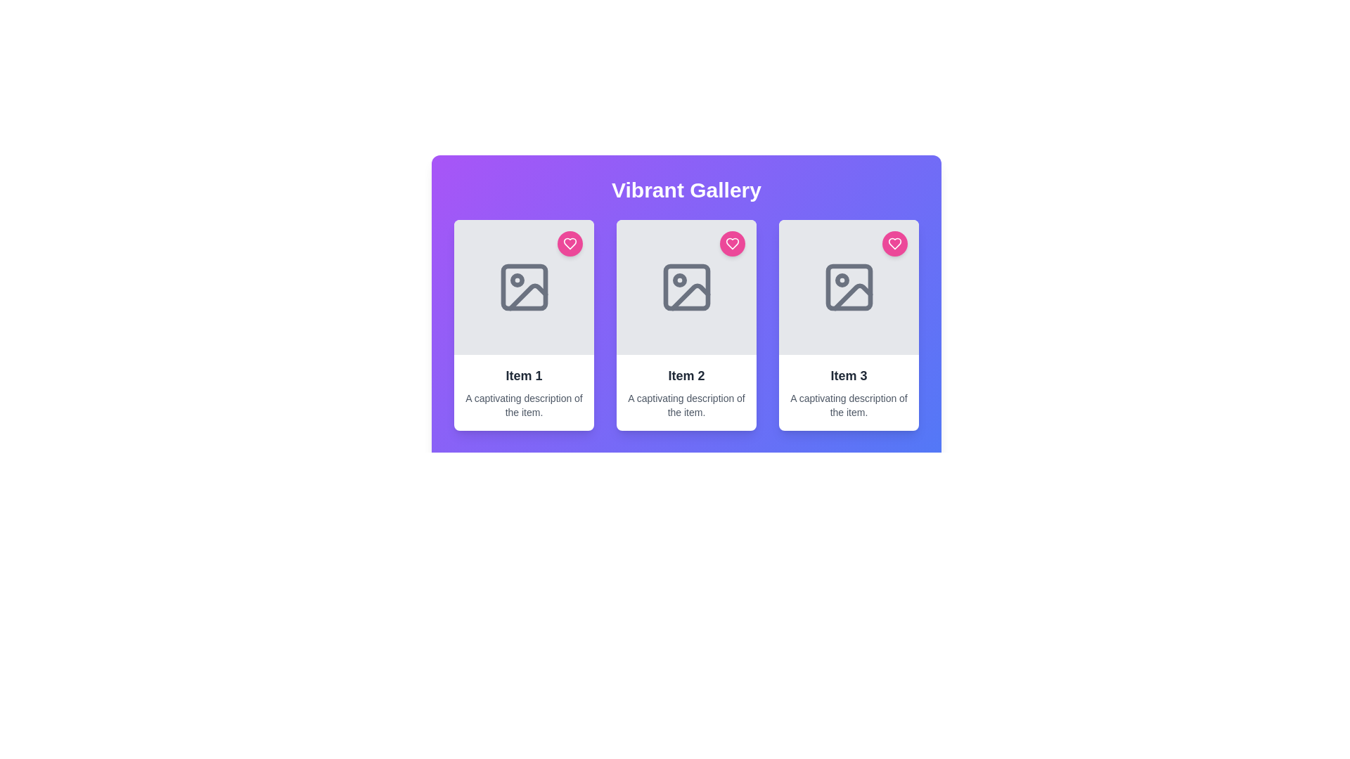 The width and height of the screenshot is (1350, 759). I want to click on the header text that serves as a title for the middle card in a three-card layout to emphasize it, so click(686, 375).